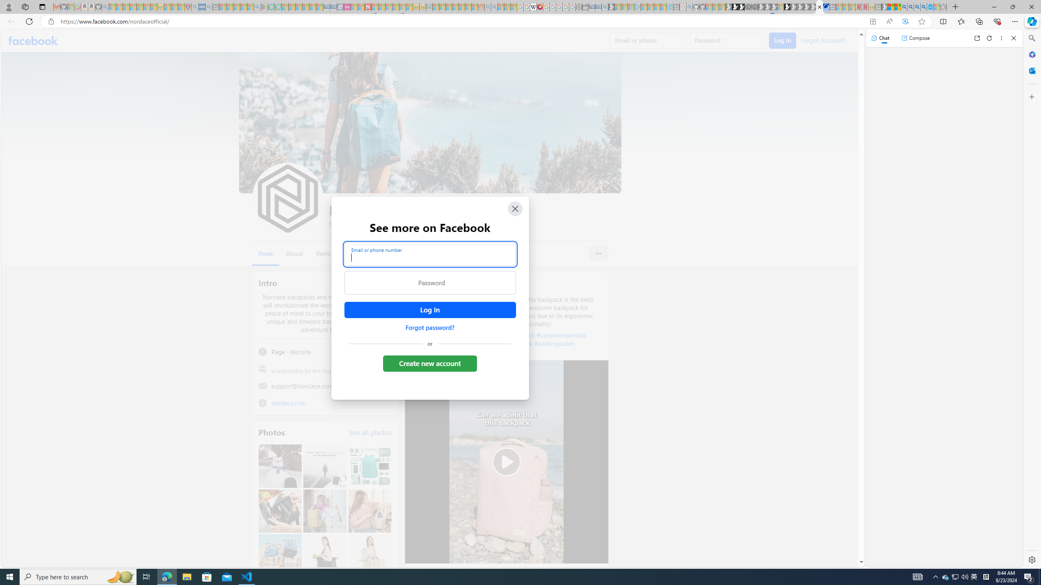 This screenshot has height=585, width=1041. I want to click on 'Accessible login button', so click(429, 310).